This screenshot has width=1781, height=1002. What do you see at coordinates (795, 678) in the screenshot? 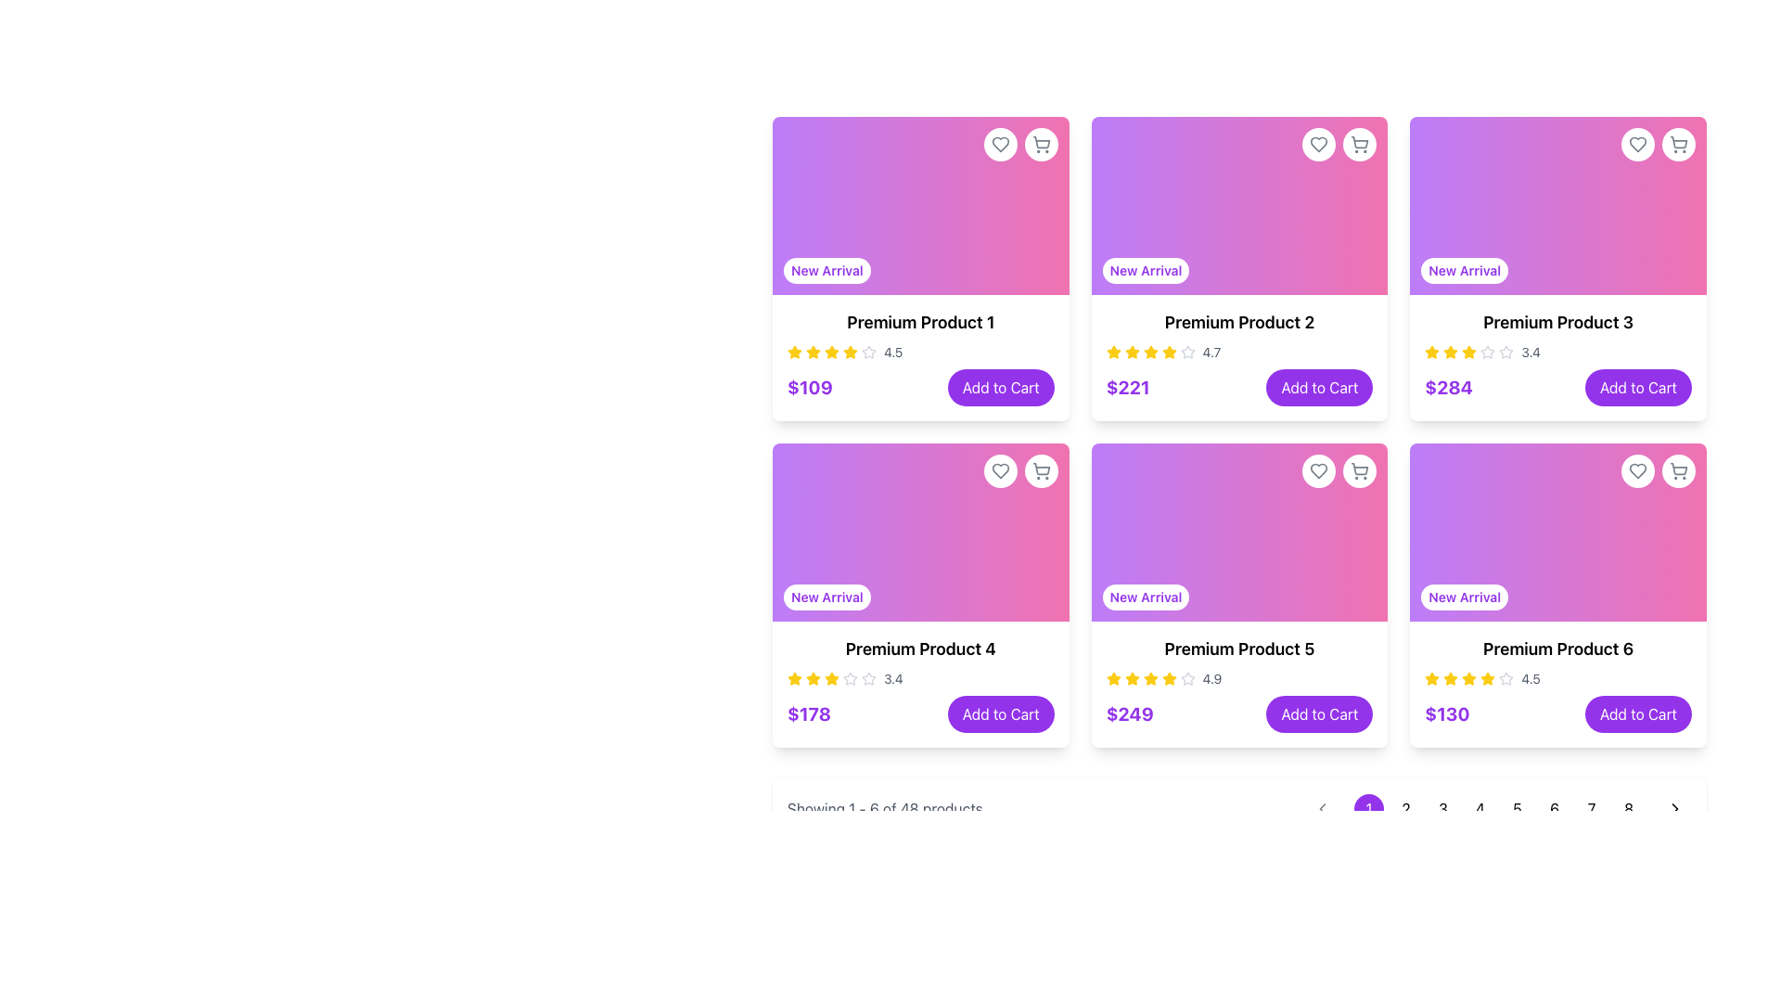
I see `the active yellow star icon in the rating section of the 'Premium Product 4' card to indicate focus` at bounding box center [795, 678].